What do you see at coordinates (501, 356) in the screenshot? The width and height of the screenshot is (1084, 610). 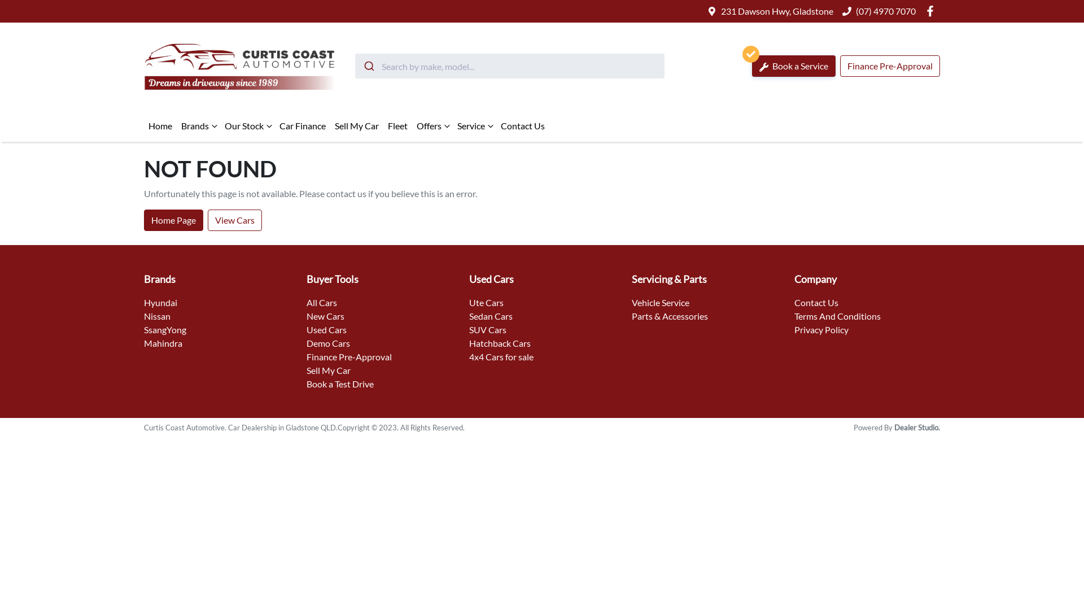 I see `'4x4 Cars for sale'` at bounding box center [501, 356].